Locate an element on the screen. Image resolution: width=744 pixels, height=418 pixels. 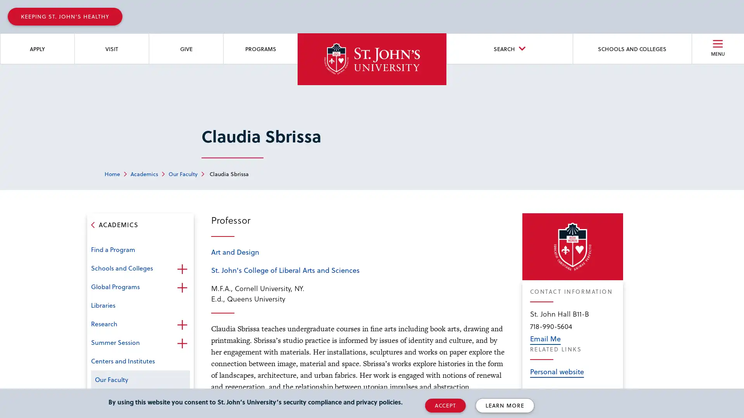
Open the sub-menu is located at coordinates (182, 399).